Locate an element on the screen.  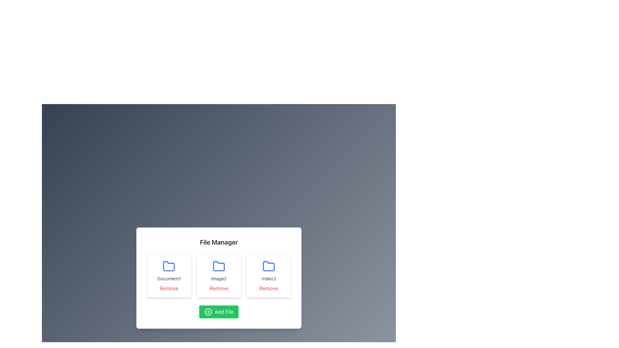
the icon located to the left of the text inside the green 'Add File' button at the bottom center of the File Manager interface to initiate the associated action is located at coordinates (208, 312).